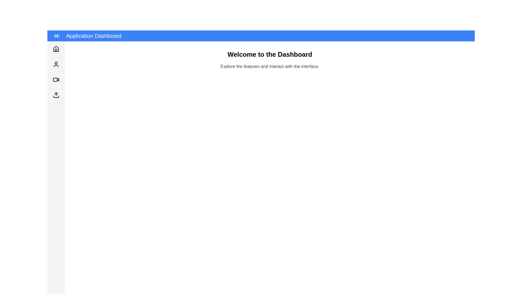 This screenshot has height=296, width=526. What do you see at coordinates (56, 79) in the screenshot?
I see `the third interactive icon in the vertical sequence on the left-aligned sidebar` at bounding box center [56, 79].